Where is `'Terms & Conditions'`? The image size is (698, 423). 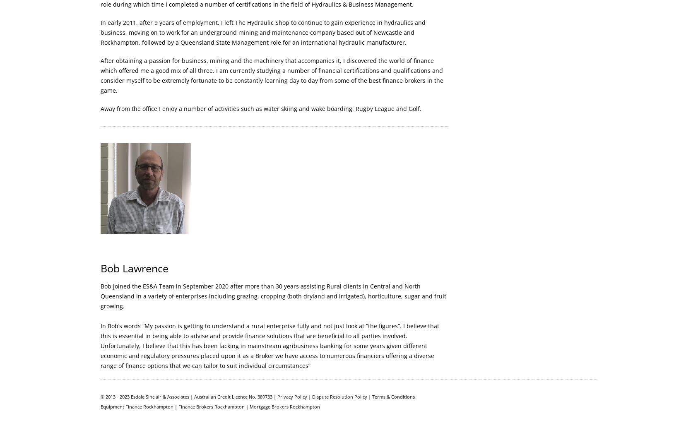 'Terms & Conditions' is located at coordinates (371, 396).